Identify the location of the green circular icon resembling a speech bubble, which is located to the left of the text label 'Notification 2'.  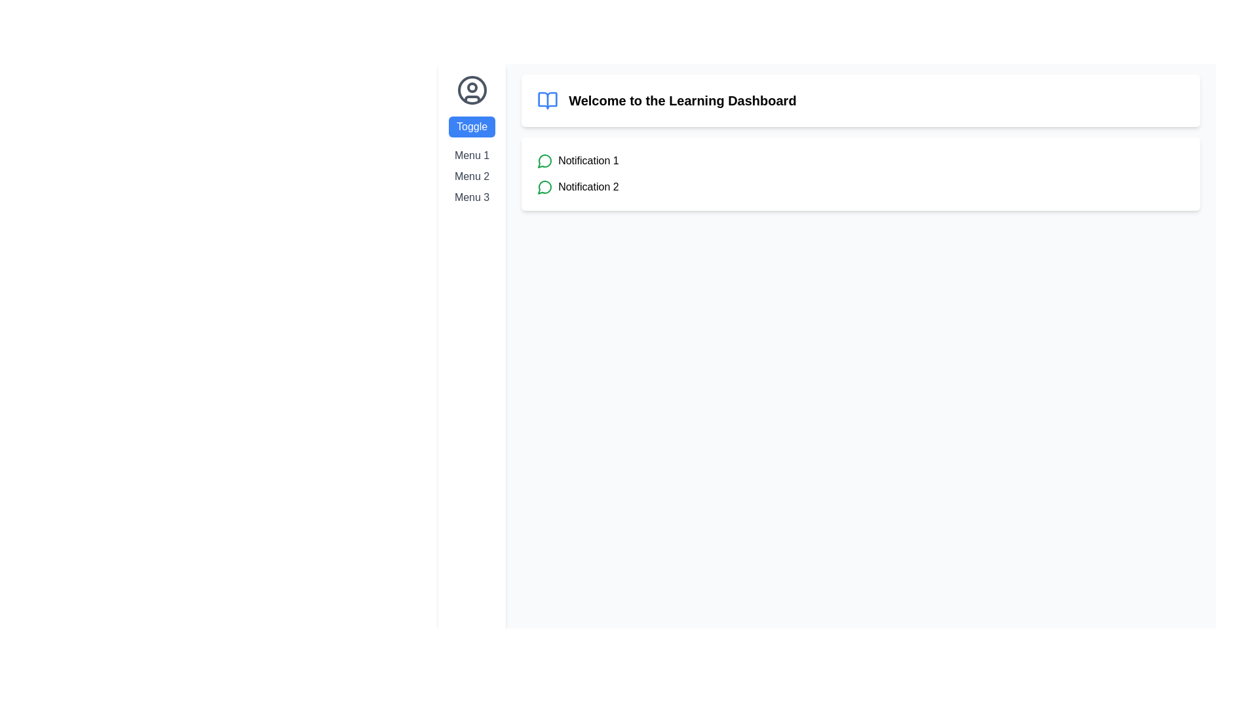
(545, 187).